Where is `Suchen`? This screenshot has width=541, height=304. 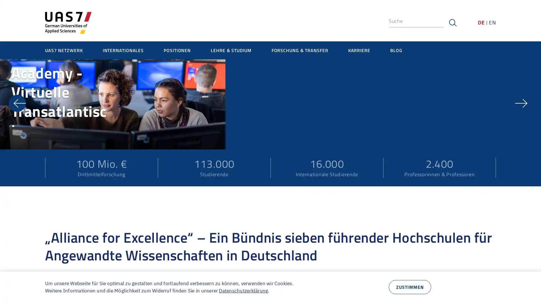
Suchen is located at coordinates (453, 23).